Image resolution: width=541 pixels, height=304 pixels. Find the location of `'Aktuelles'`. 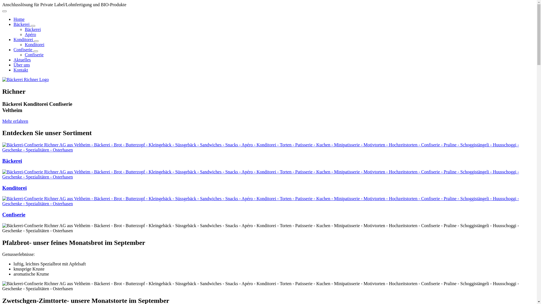

'Aktuelles' is located at coordinates (22, 60).